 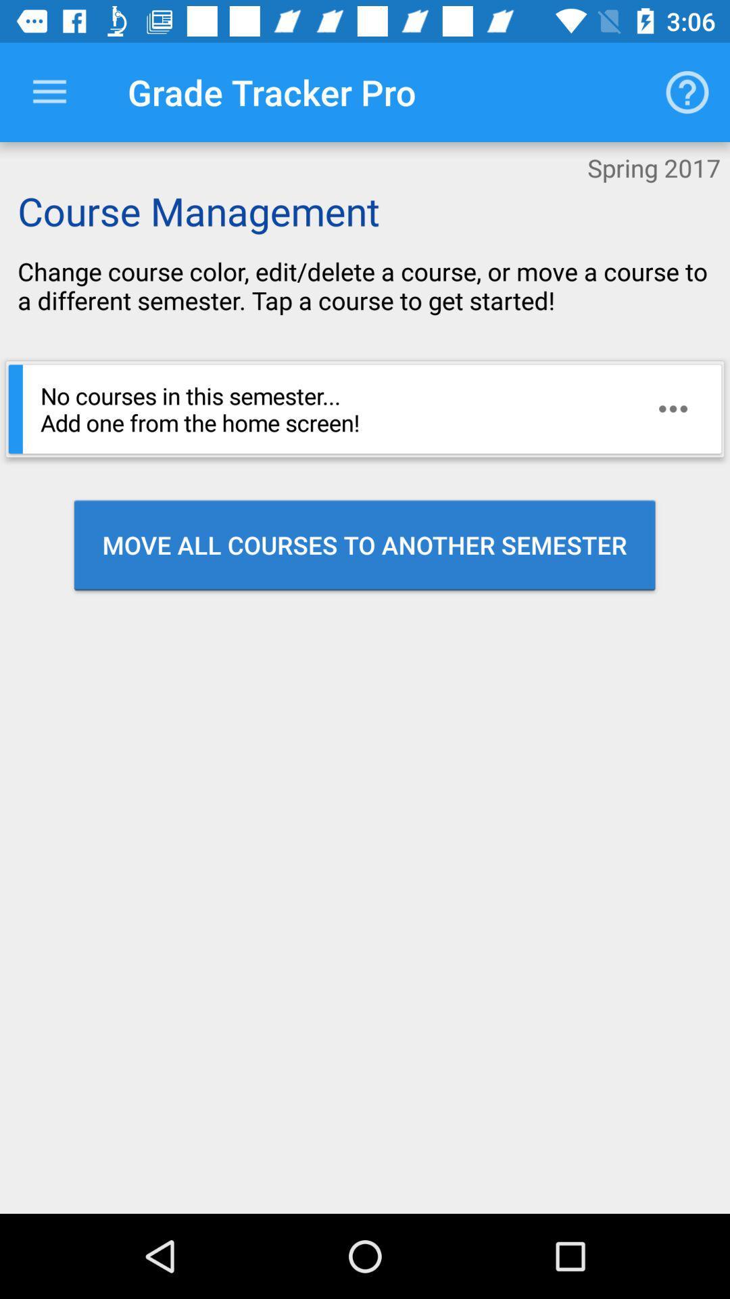 What do you see at coordinates (49, 91) in the screenshot?
I see `the item to the left of grade tracker pro item` at bounding box center [49, 91].